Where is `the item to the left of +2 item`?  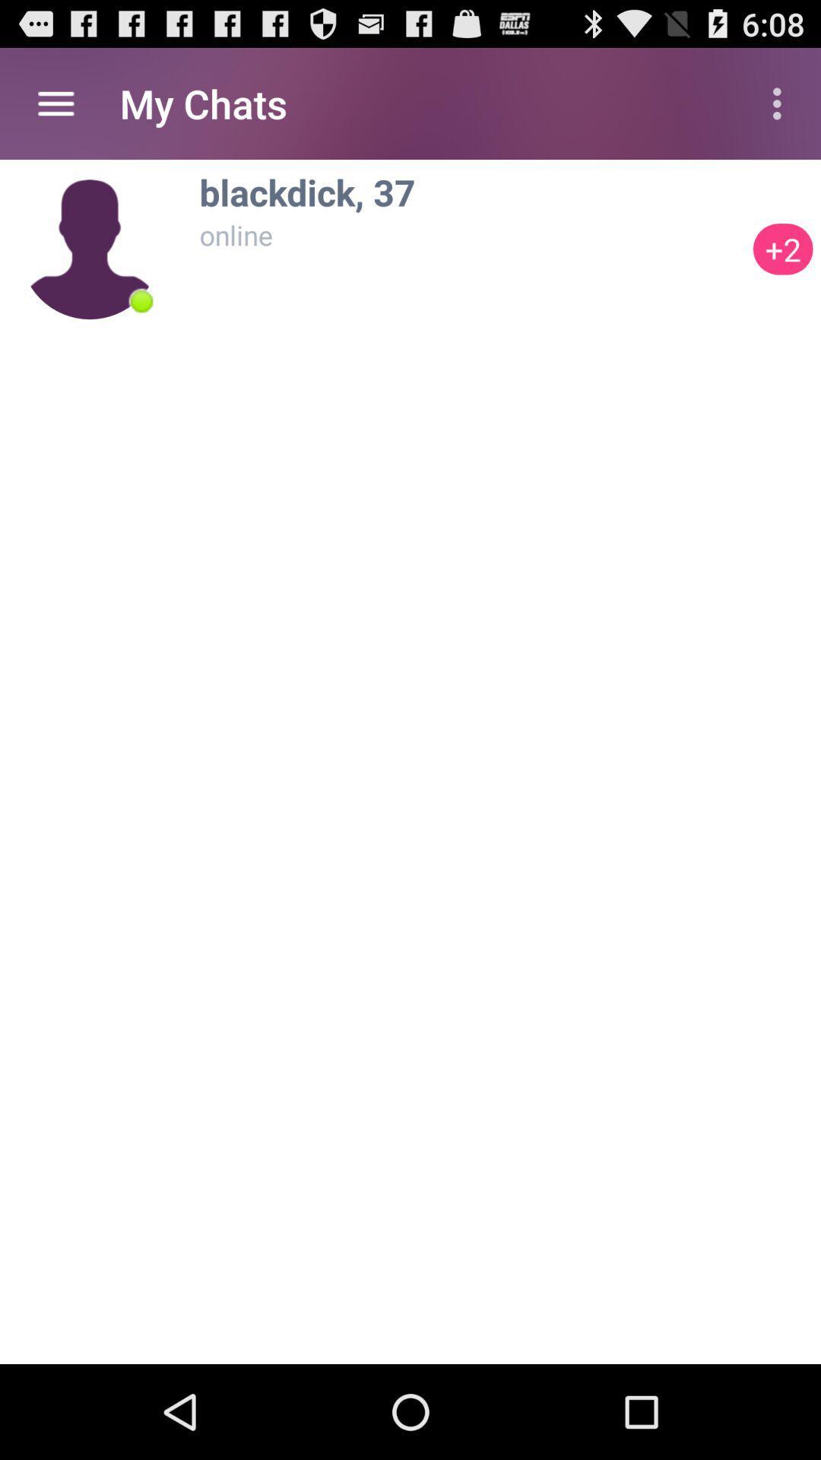
the item to the left of +2 item is located at coordinates (471, 191).